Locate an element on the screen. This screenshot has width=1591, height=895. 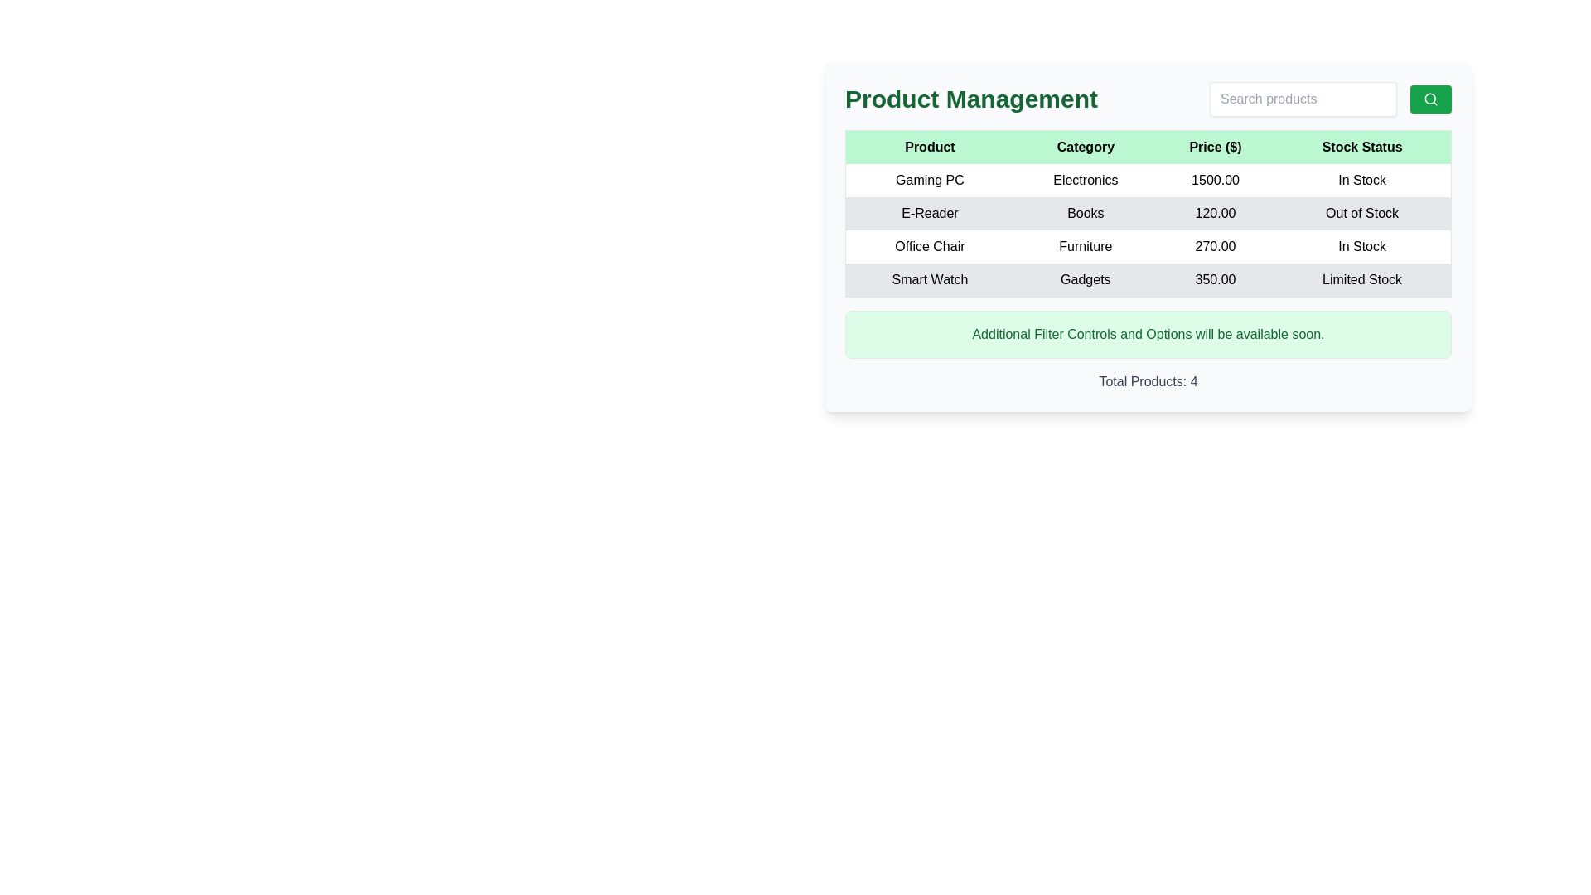
the fourth row in the product table displaying information about 'Smart Watch', which includes its category, price, and stock status is located at coordinates (1148, 279).